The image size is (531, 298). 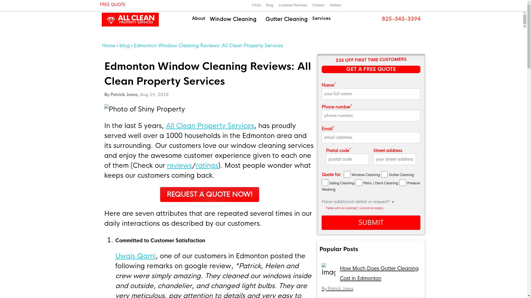 I want to click on ' REQUEST A QUOTE NOW! ', so click(x=209, y=194).